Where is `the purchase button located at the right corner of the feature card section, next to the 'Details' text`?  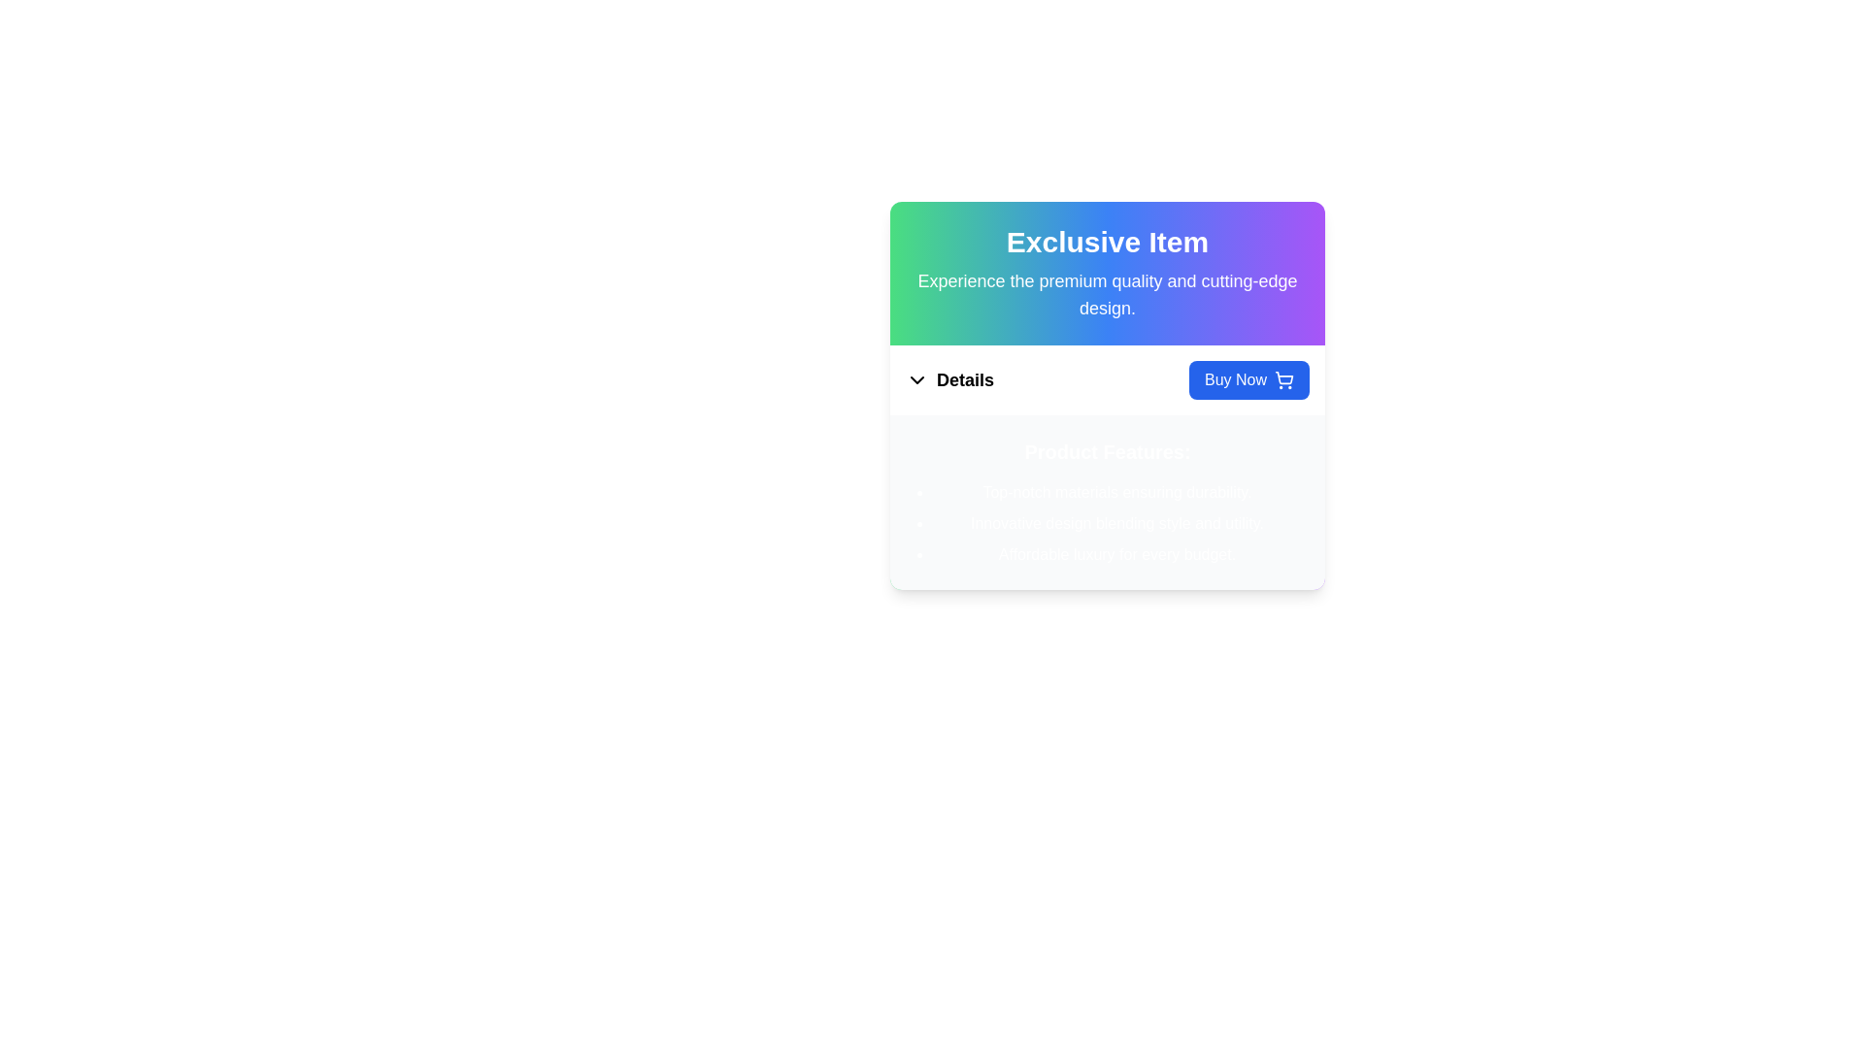 the purchase button located at the right corner of the feature card section, next to the 'Details' text is located at coordinates (1248, 380).